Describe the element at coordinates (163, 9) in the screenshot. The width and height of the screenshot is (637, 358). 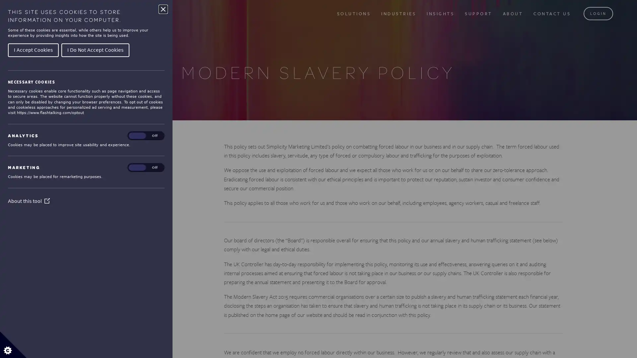
I see `Close Cookie Control` at that location.